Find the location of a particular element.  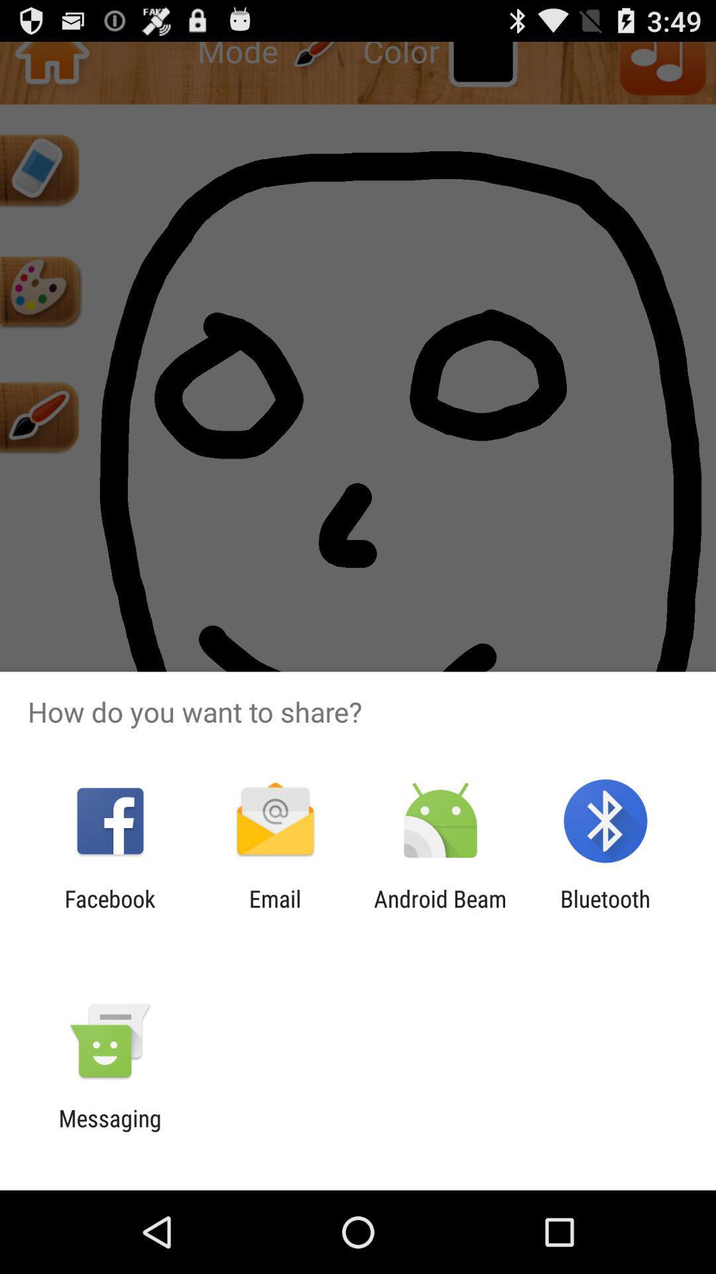

the item next to the facebook is located at coordinates (274, 912).